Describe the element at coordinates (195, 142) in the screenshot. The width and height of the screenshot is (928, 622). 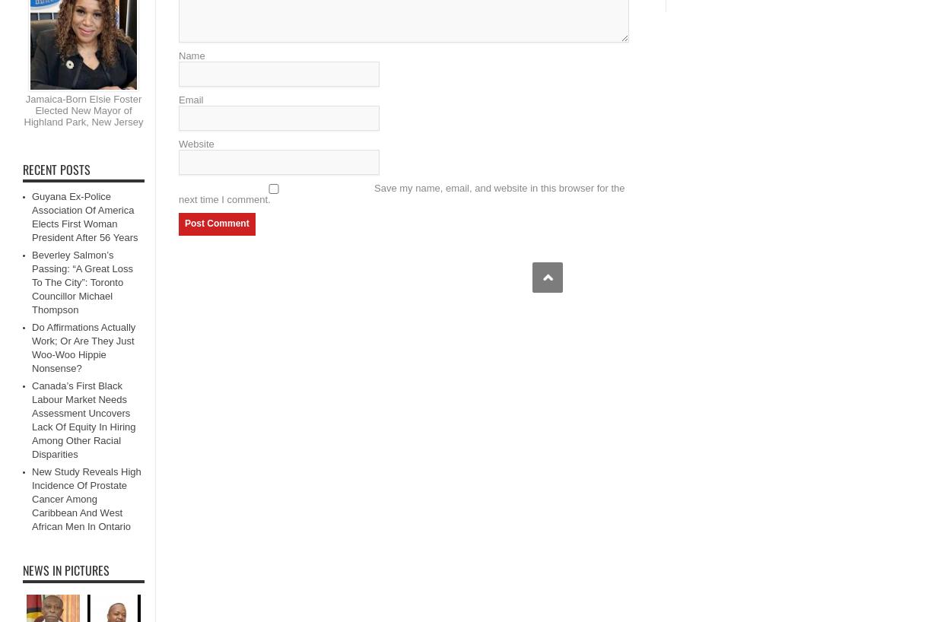
I see `'Website'` at that location.